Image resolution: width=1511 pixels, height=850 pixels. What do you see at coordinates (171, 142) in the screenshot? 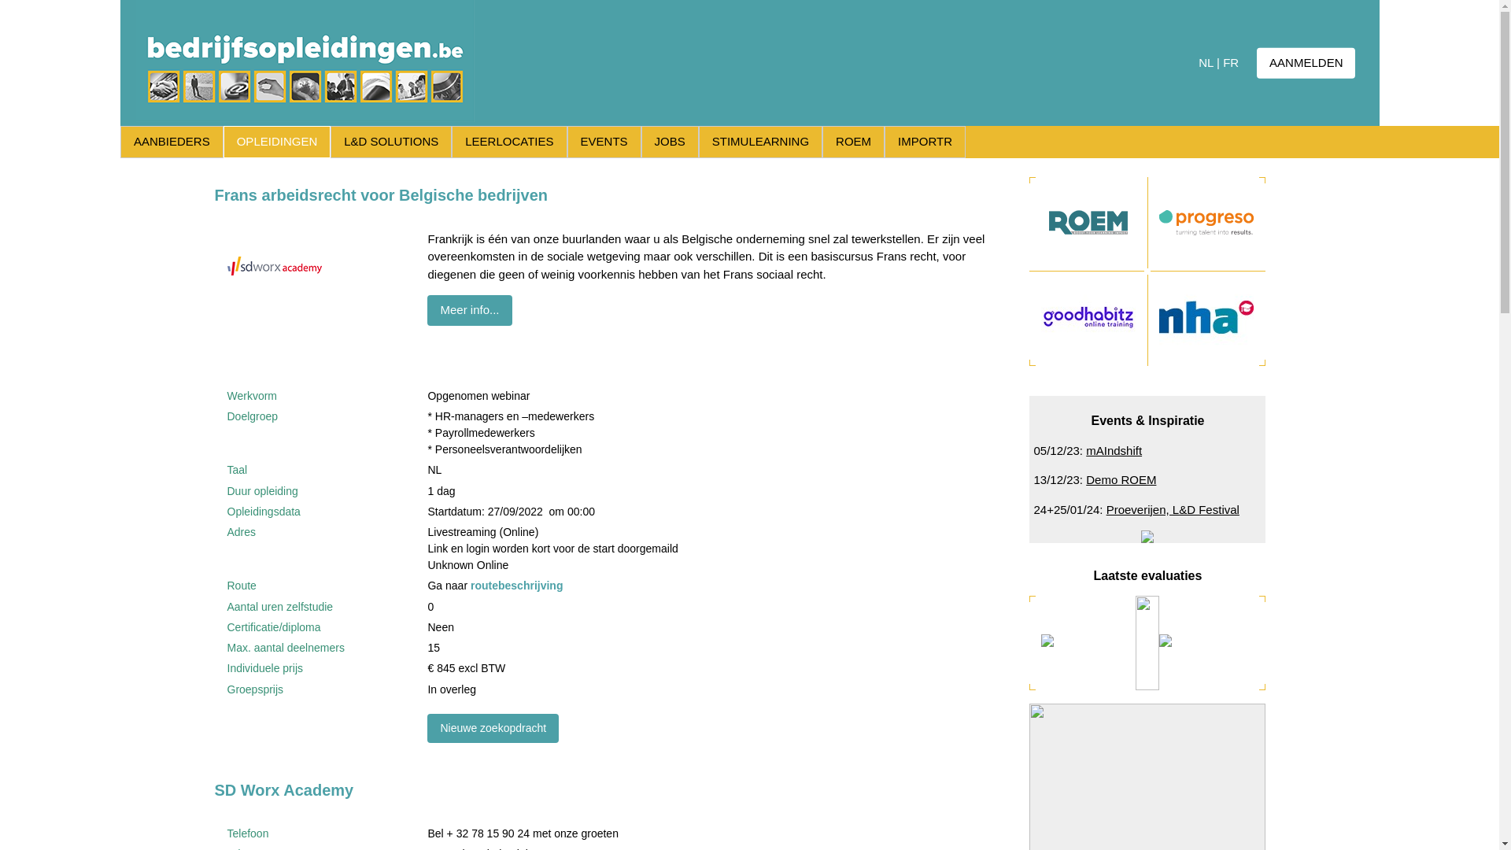
I see `'AANBIEDERS'` at bounding box center [171, 142].